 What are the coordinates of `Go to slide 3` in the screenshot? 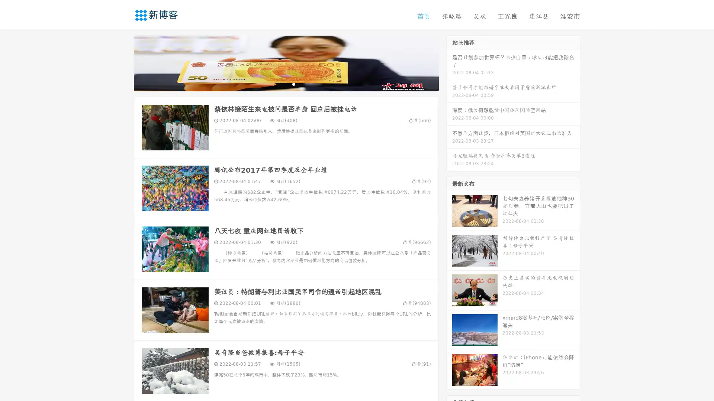 It's located at (293, 84).